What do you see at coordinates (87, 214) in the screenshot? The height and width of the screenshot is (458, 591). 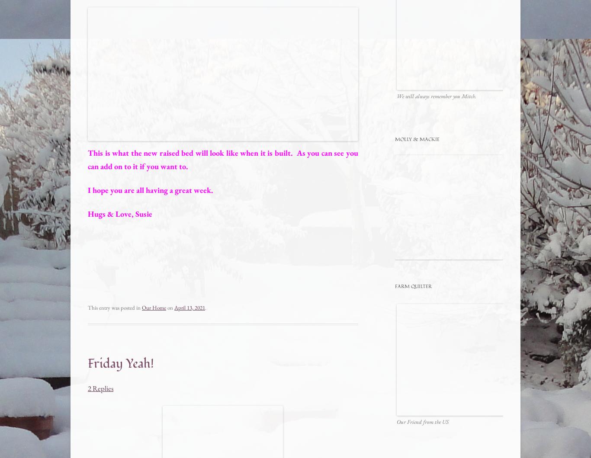 I see `'Hugs & Love, Susie'` at bounding box center [87, 214].